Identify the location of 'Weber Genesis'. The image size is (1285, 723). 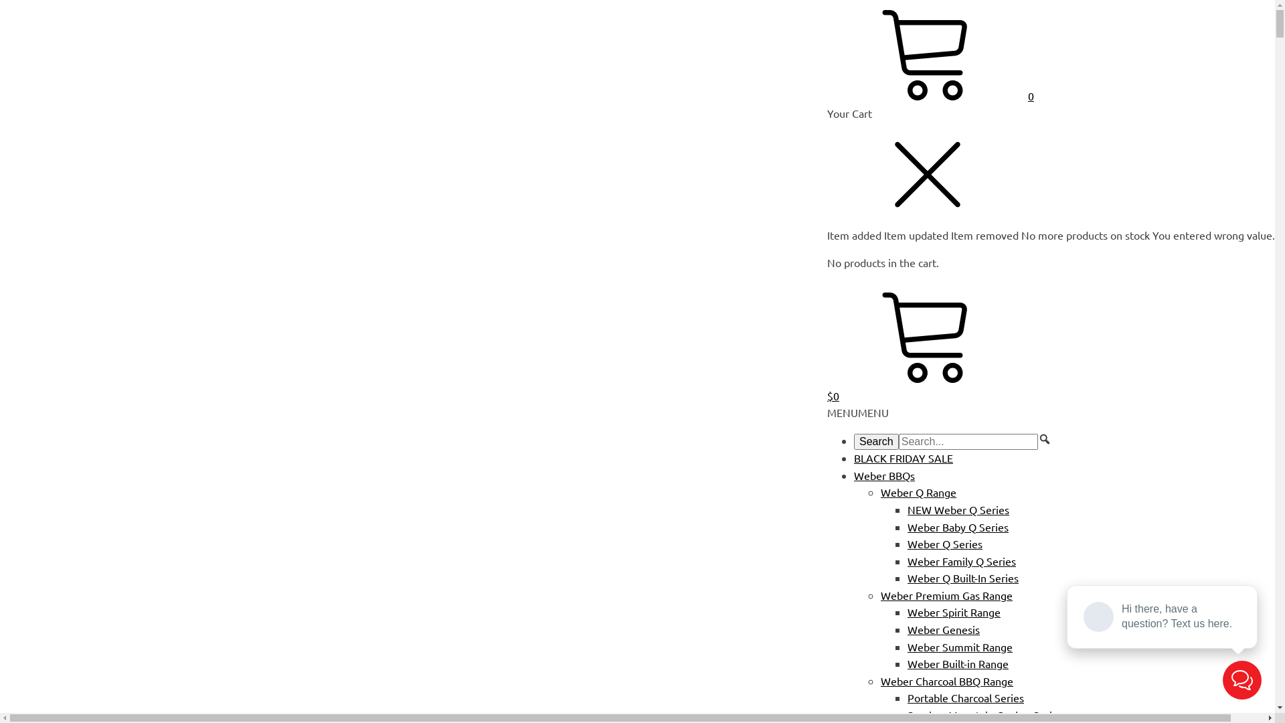
(943, 629).